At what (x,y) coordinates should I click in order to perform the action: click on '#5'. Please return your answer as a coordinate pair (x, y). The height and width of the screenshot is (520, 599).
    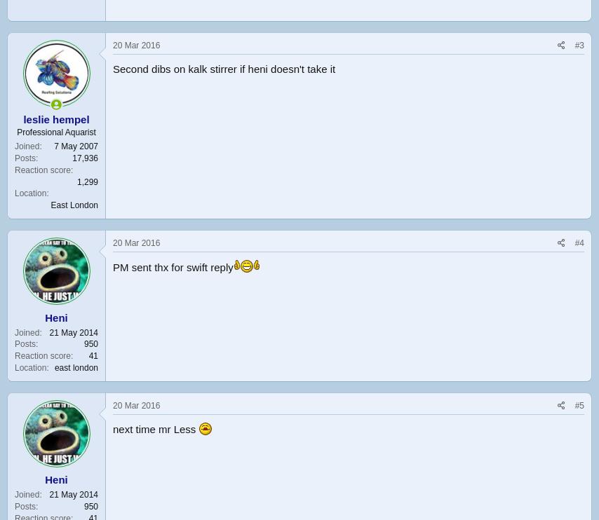
    Looking at the image, I should click on (573, 405).